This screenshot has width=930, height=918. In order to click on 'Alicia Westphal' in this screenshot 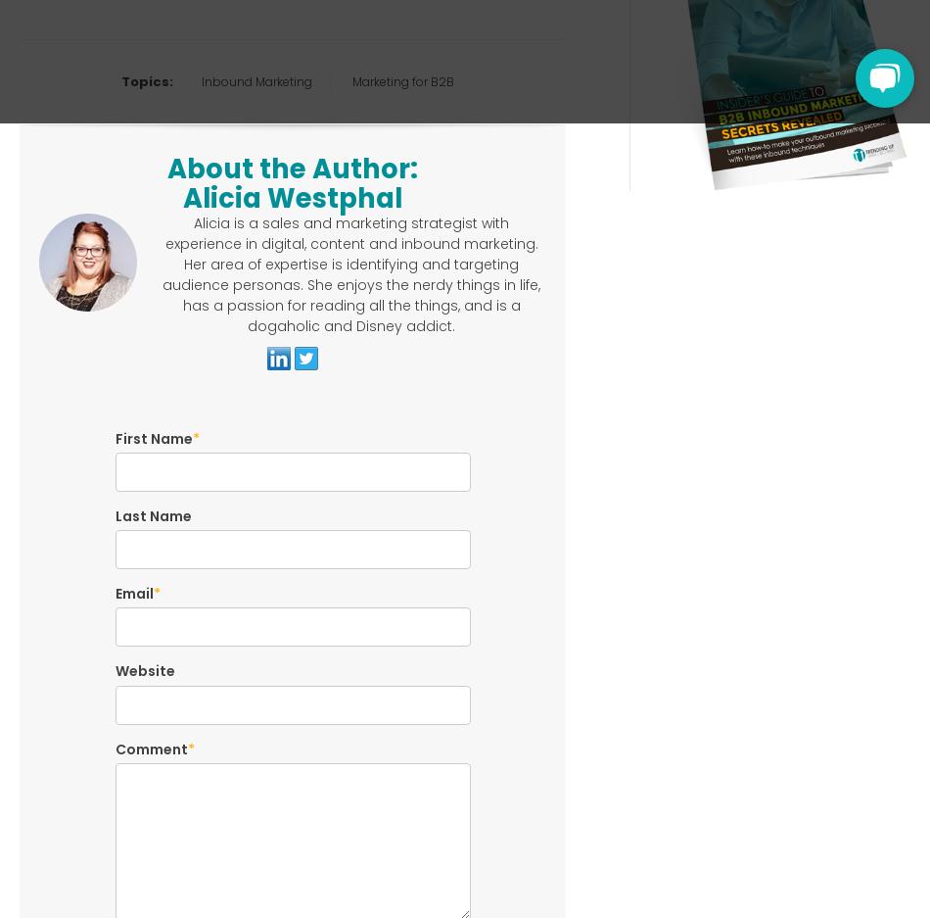, I will do `click(291, 198)`.